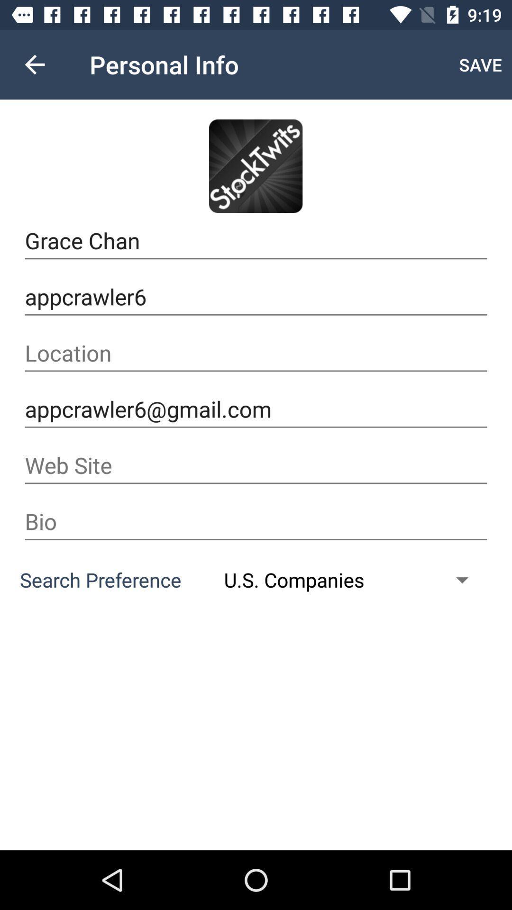 The height and width of the screenshot is (910, 512). What do you see at coordinates (34, 64) in the screenshot?
I see `the item to the left of personal info item` at bounding box center [34, 64].